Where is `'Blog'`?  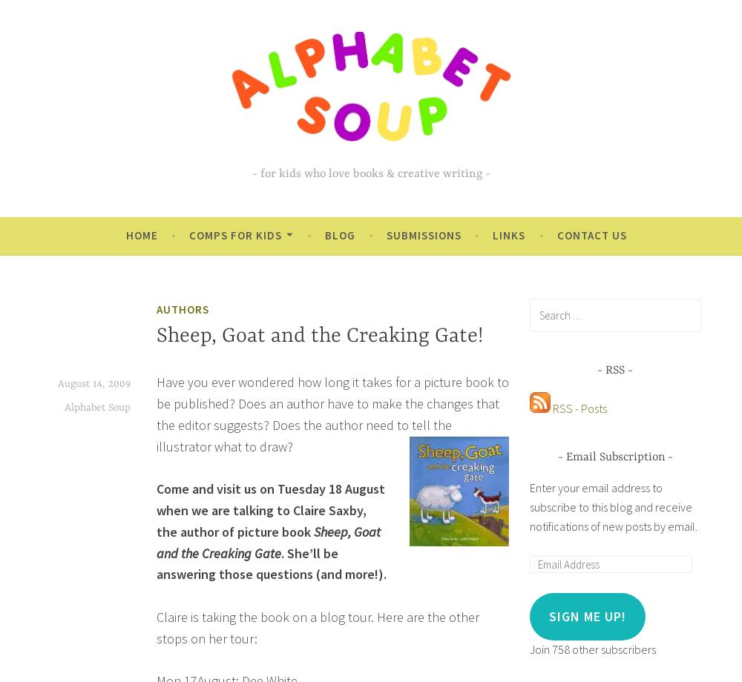 'Blog' is located at coordinates (338, 234).